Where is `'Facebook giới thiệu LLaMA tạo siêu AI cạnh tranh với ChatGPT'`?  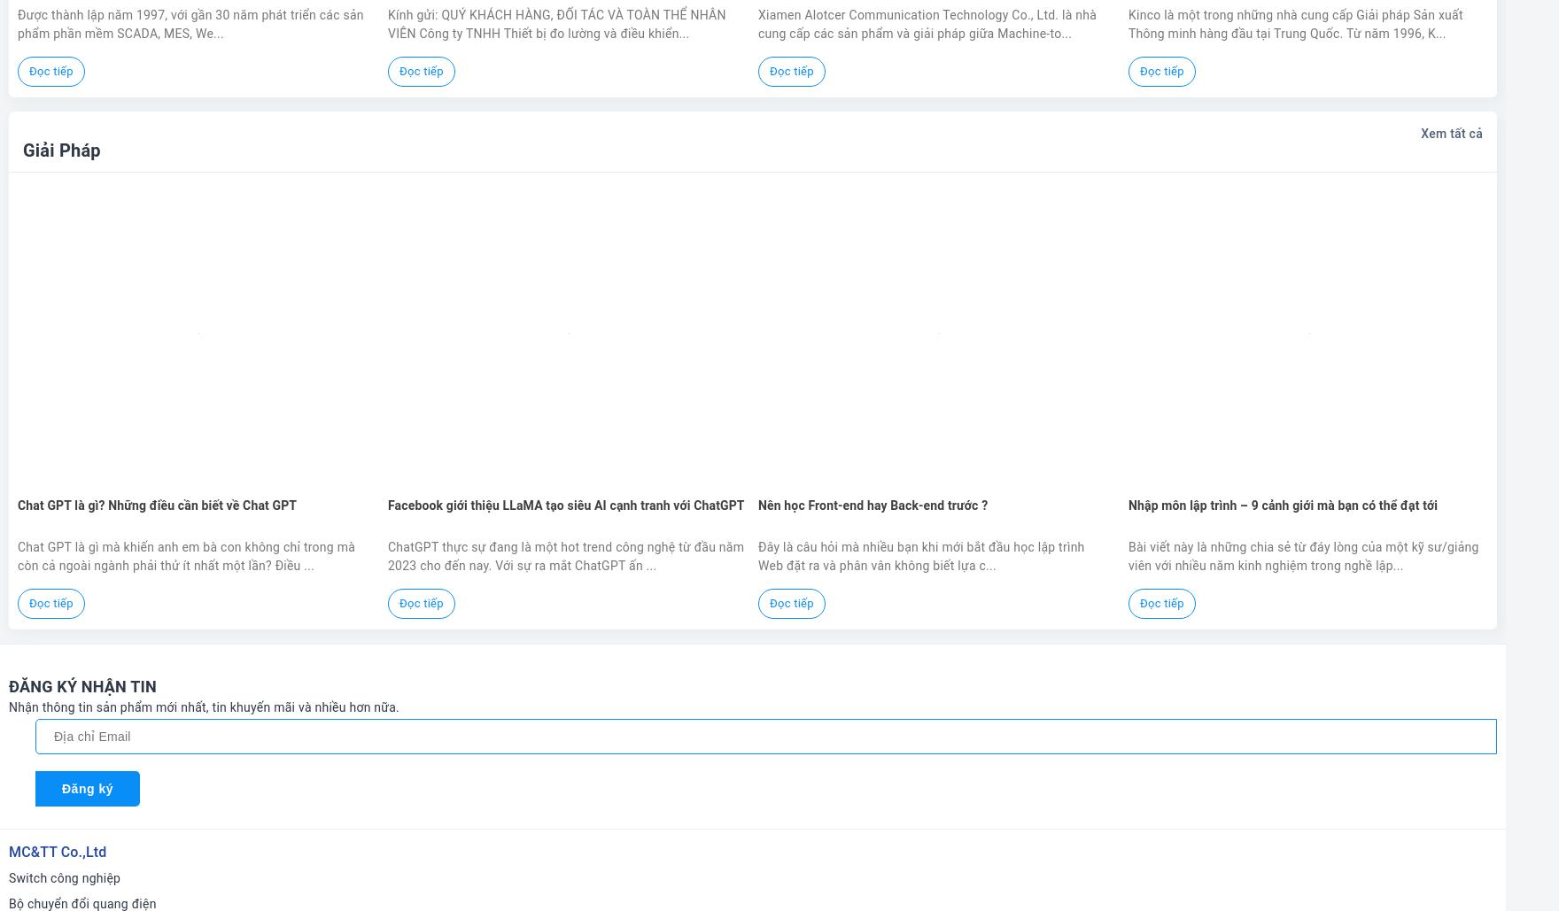
'Facebook giới thiệu LLaMA tạo siêu AI cạnh tranh với ChatGPT' is located at coordinates (566, 503).